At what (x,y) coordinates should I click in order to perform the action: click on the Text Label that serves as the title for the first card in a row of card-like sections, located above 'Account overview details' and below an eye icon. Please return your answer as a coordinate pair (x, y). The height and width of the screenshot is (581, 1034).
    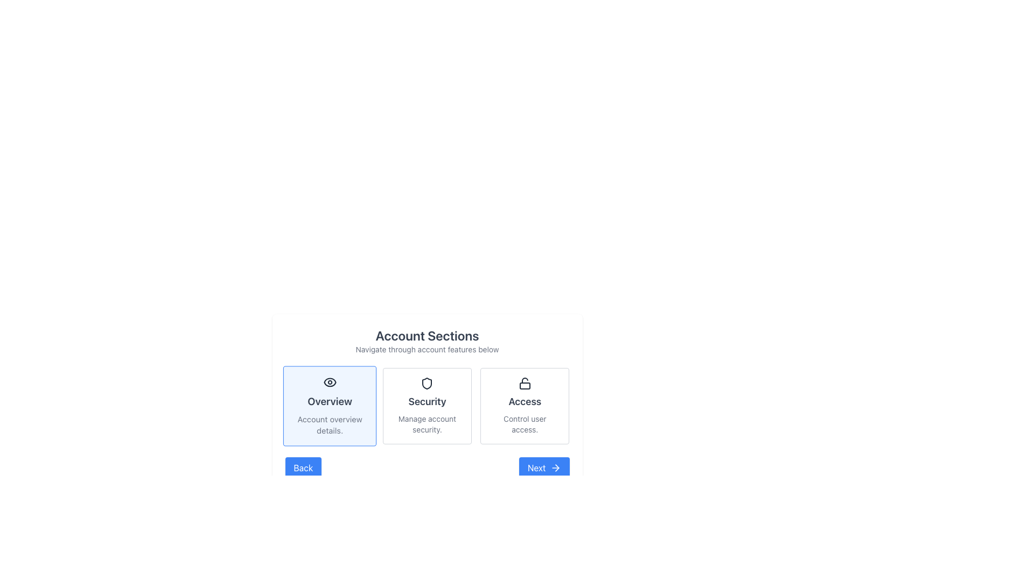
    Looking at the image, I should click on (329, 401).